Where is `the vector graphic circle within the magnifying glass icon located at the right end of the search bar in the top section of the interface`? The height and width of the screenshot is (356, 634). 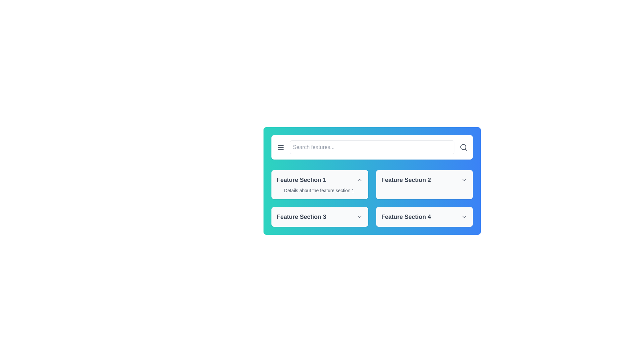 the vector graphic circle within the magnifying glass icon located at the right end of the search bar in the top section of the interface is located at coordinates (463, 147).